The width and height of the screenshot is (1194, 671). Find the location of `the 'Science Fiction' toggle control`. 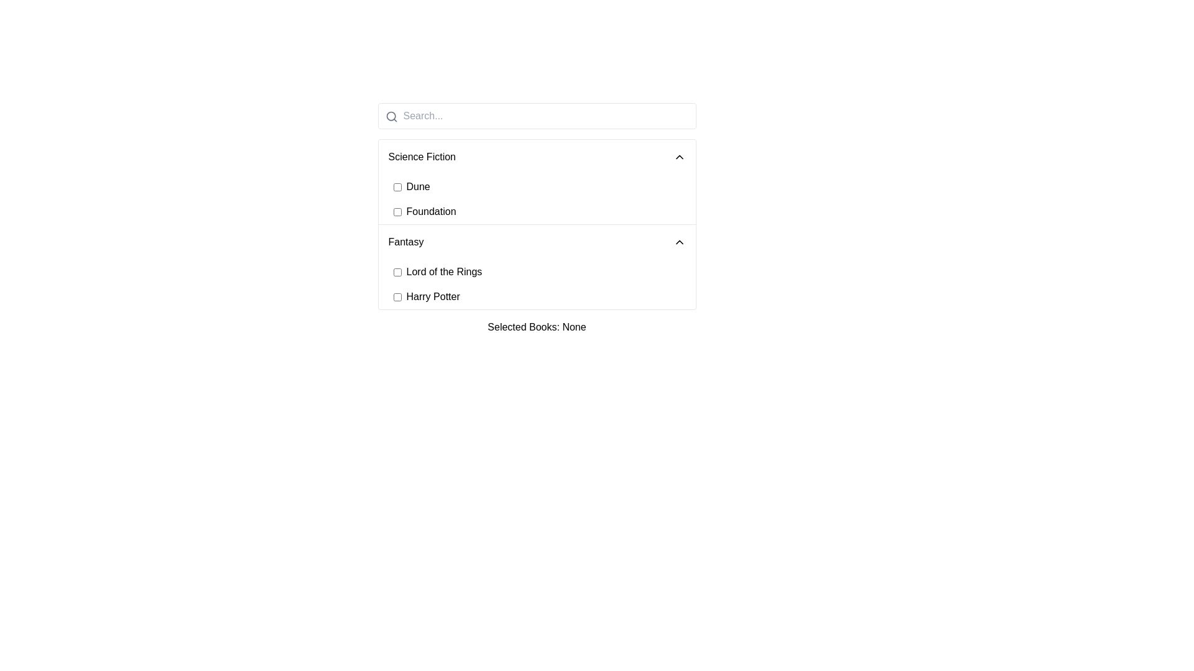

the 'Science Fiction' toggle control is located at coordinates (537, 157).